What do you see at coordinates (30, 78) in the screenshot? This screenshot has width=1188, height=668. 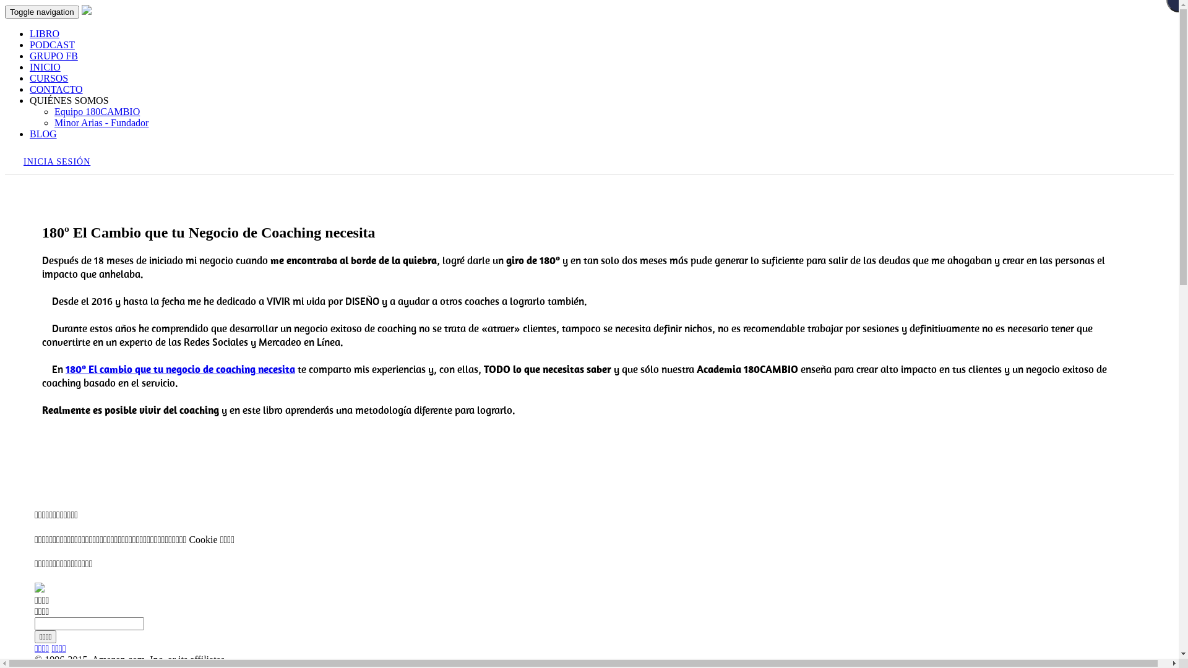 I see `'CURSOS'` at bounding box center [30, 78].